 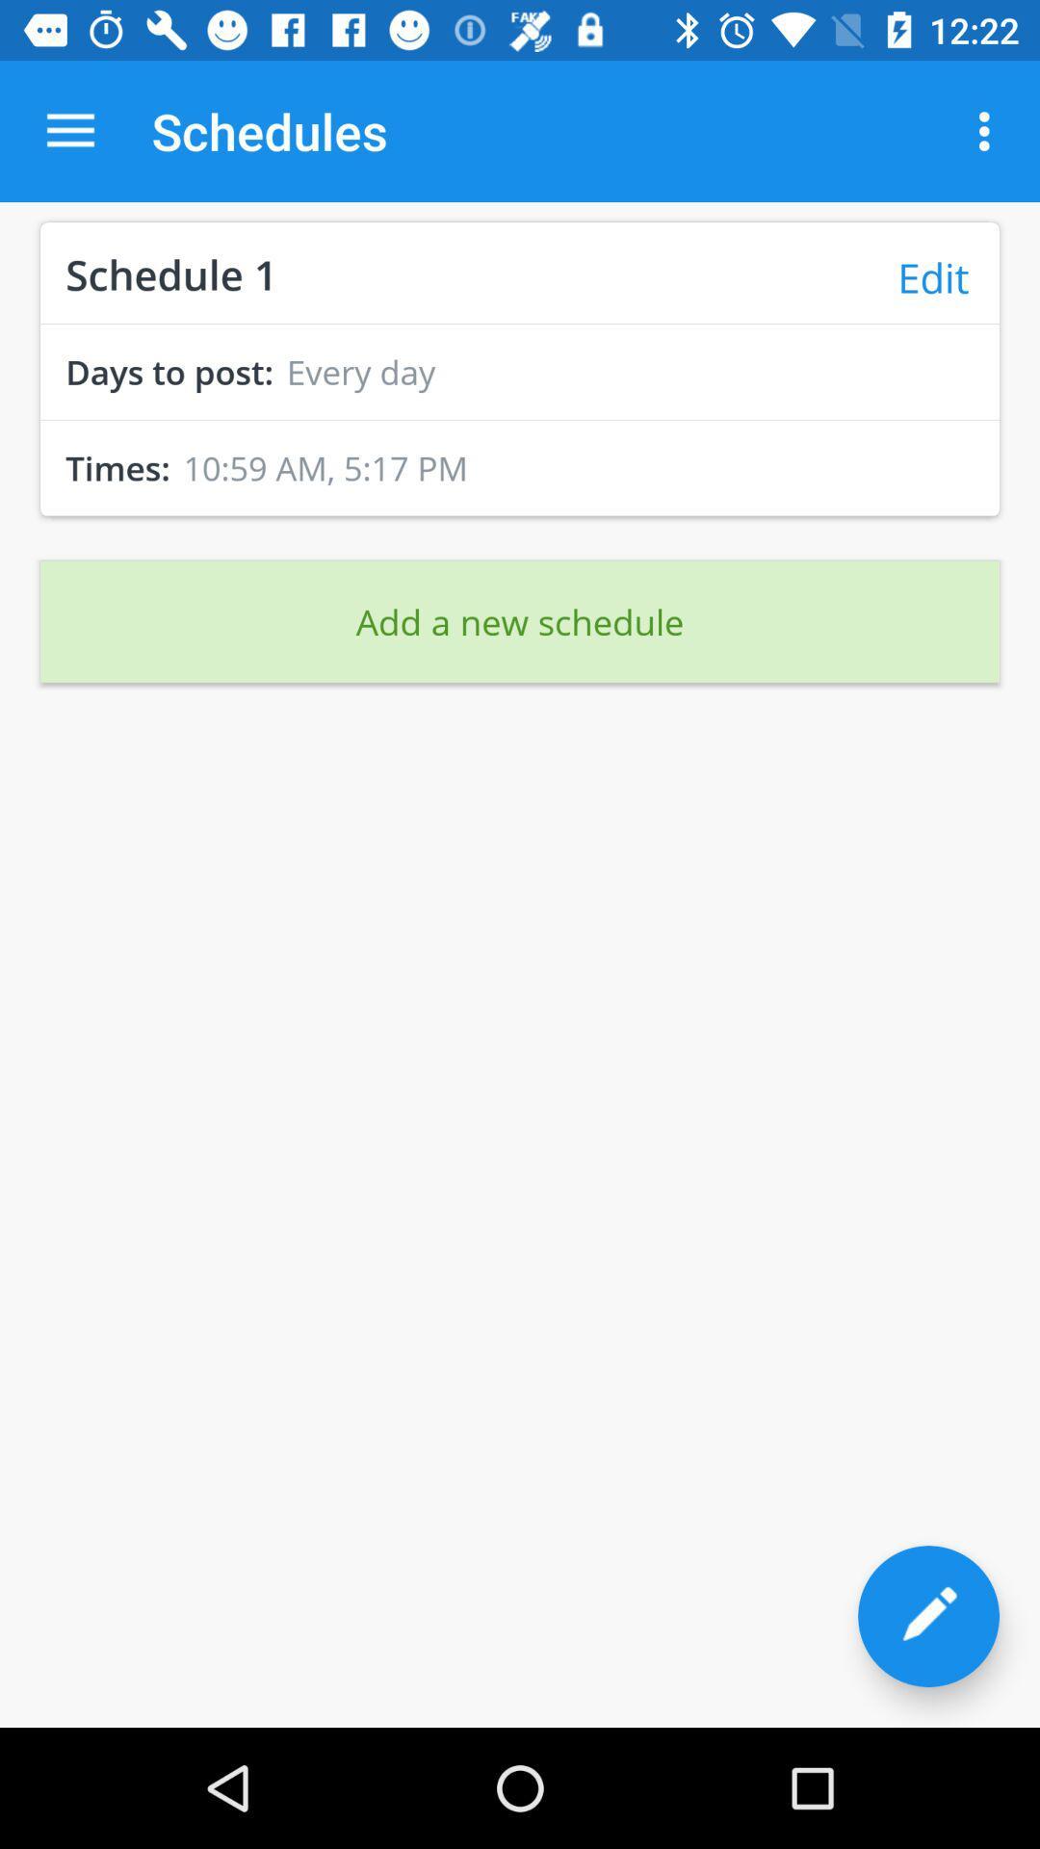 I want to click on item at the center, so click(x=520, y=621).